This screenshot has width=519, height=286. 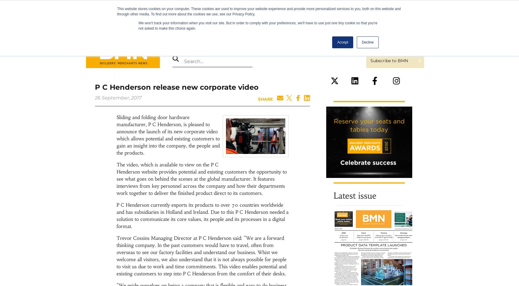 What do you see at coordinates (259, 12) in the screenshot?
I see `'This website stores cookies on your computer. These cookies are used to improve your website experience and provide more personalized services to you, both on this website and through other media. To find out more about the cookies we use, see our Privacy Policy.'` at bounding box center [259, 12].